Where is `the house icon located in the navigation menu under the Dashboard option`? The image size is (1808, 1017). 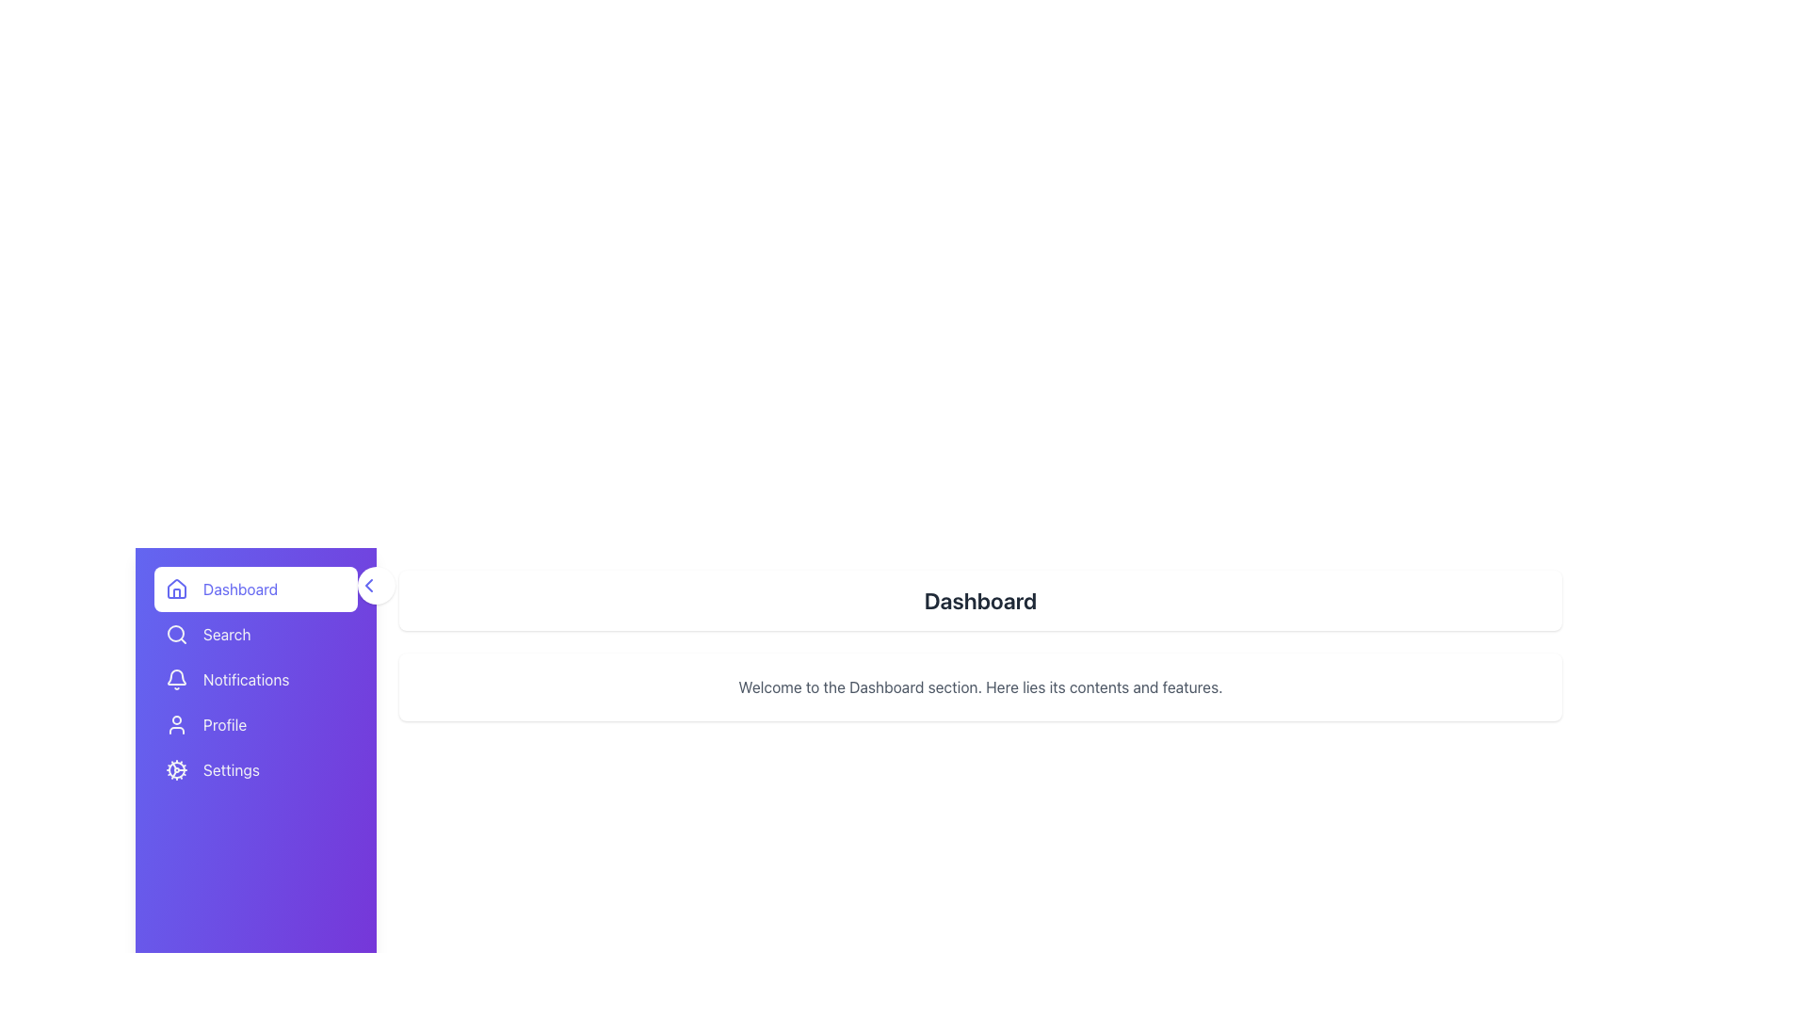
the house icon located in the navigation menu under the Dashboard option is located at coordinates (176, 587).